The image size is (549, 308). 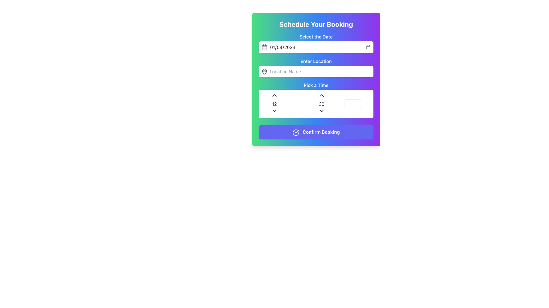 I want to click on the downward-pointing chevron icon located below the '30' text in the time selection interface, so click(x=321, y=111).